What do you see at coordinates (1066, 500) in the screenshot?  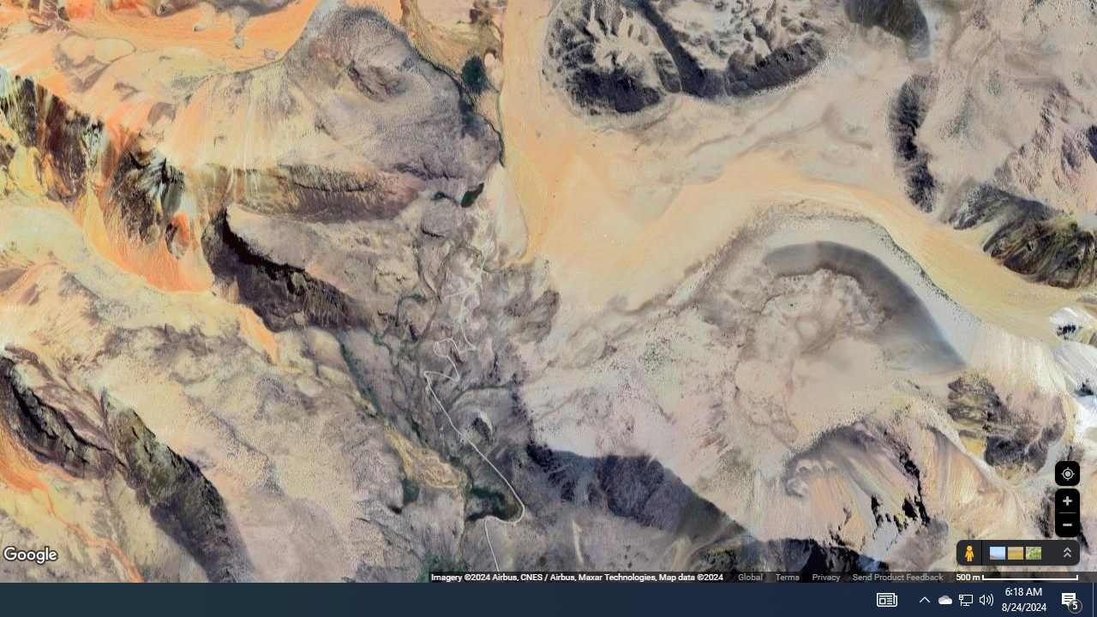 I see `'Zoom in'` at bounding box center [1066, 500].